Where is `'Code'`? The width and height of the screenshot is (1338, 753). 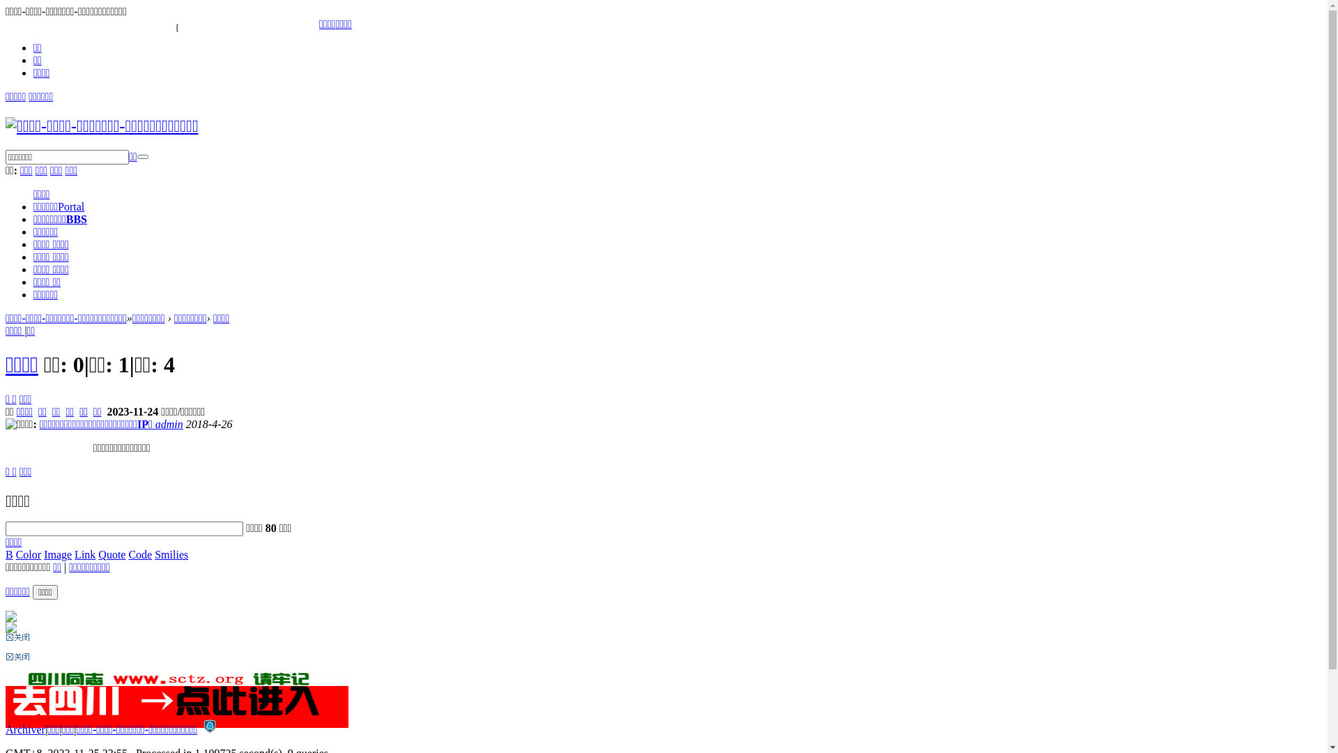
'Code' is located at coordinates (128, 553).